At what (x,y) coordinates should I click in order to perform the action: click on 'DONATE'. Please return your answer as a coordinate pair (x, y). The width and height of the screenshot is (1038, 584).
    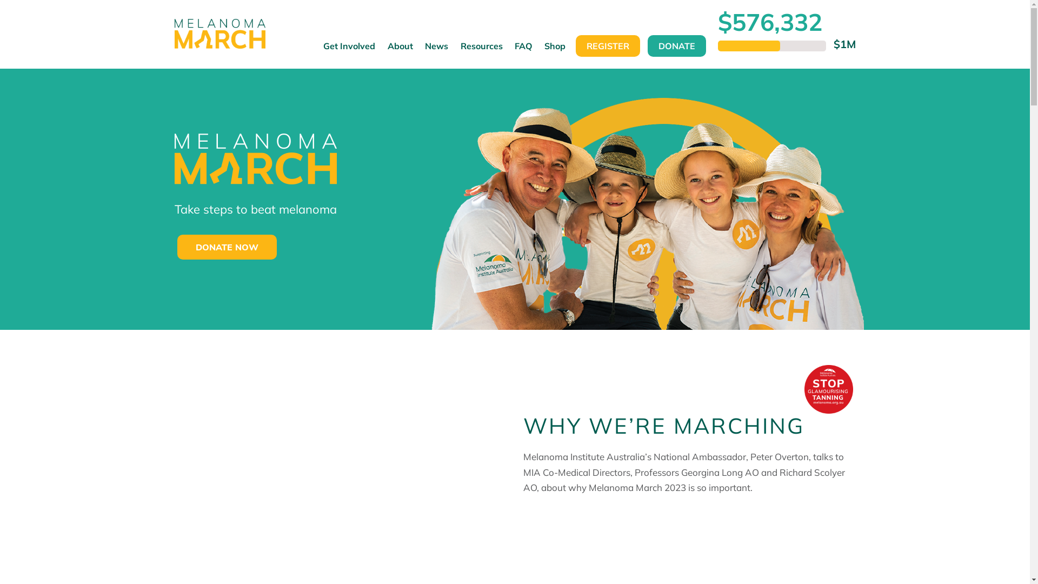
    Looking at the image, I should click on (676, 45).